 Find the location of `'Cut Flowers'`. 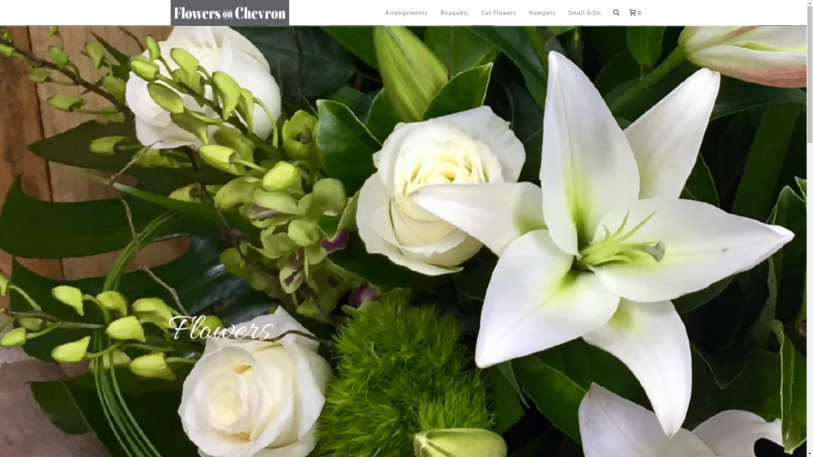

'Cut Flowers' is located at coordinates (498, 13).